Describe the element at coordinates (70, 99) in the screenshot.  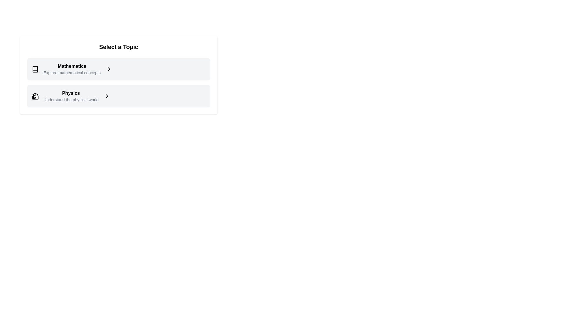
I see `descriptive information provided by the non-interactive label located below the bold title 'Physics', which serves as a subtitle or explanation for the Physics option` at that location.